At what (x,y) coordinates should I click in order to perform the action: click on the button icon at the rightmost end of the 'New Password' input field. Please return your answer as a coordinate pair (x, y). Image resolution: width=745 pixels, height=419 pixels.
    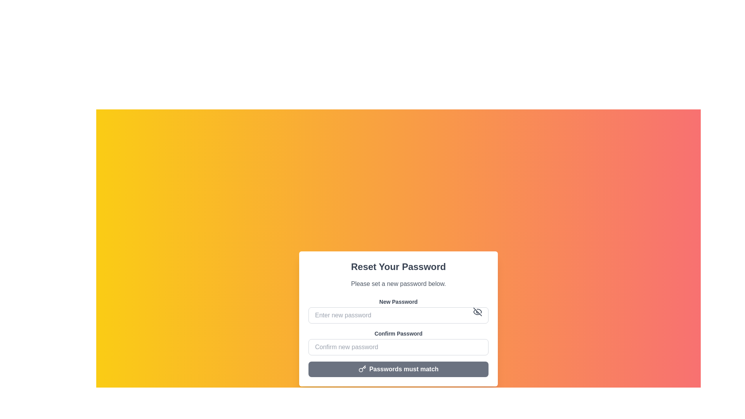
    Looking at the image, I should click on (477, 311).